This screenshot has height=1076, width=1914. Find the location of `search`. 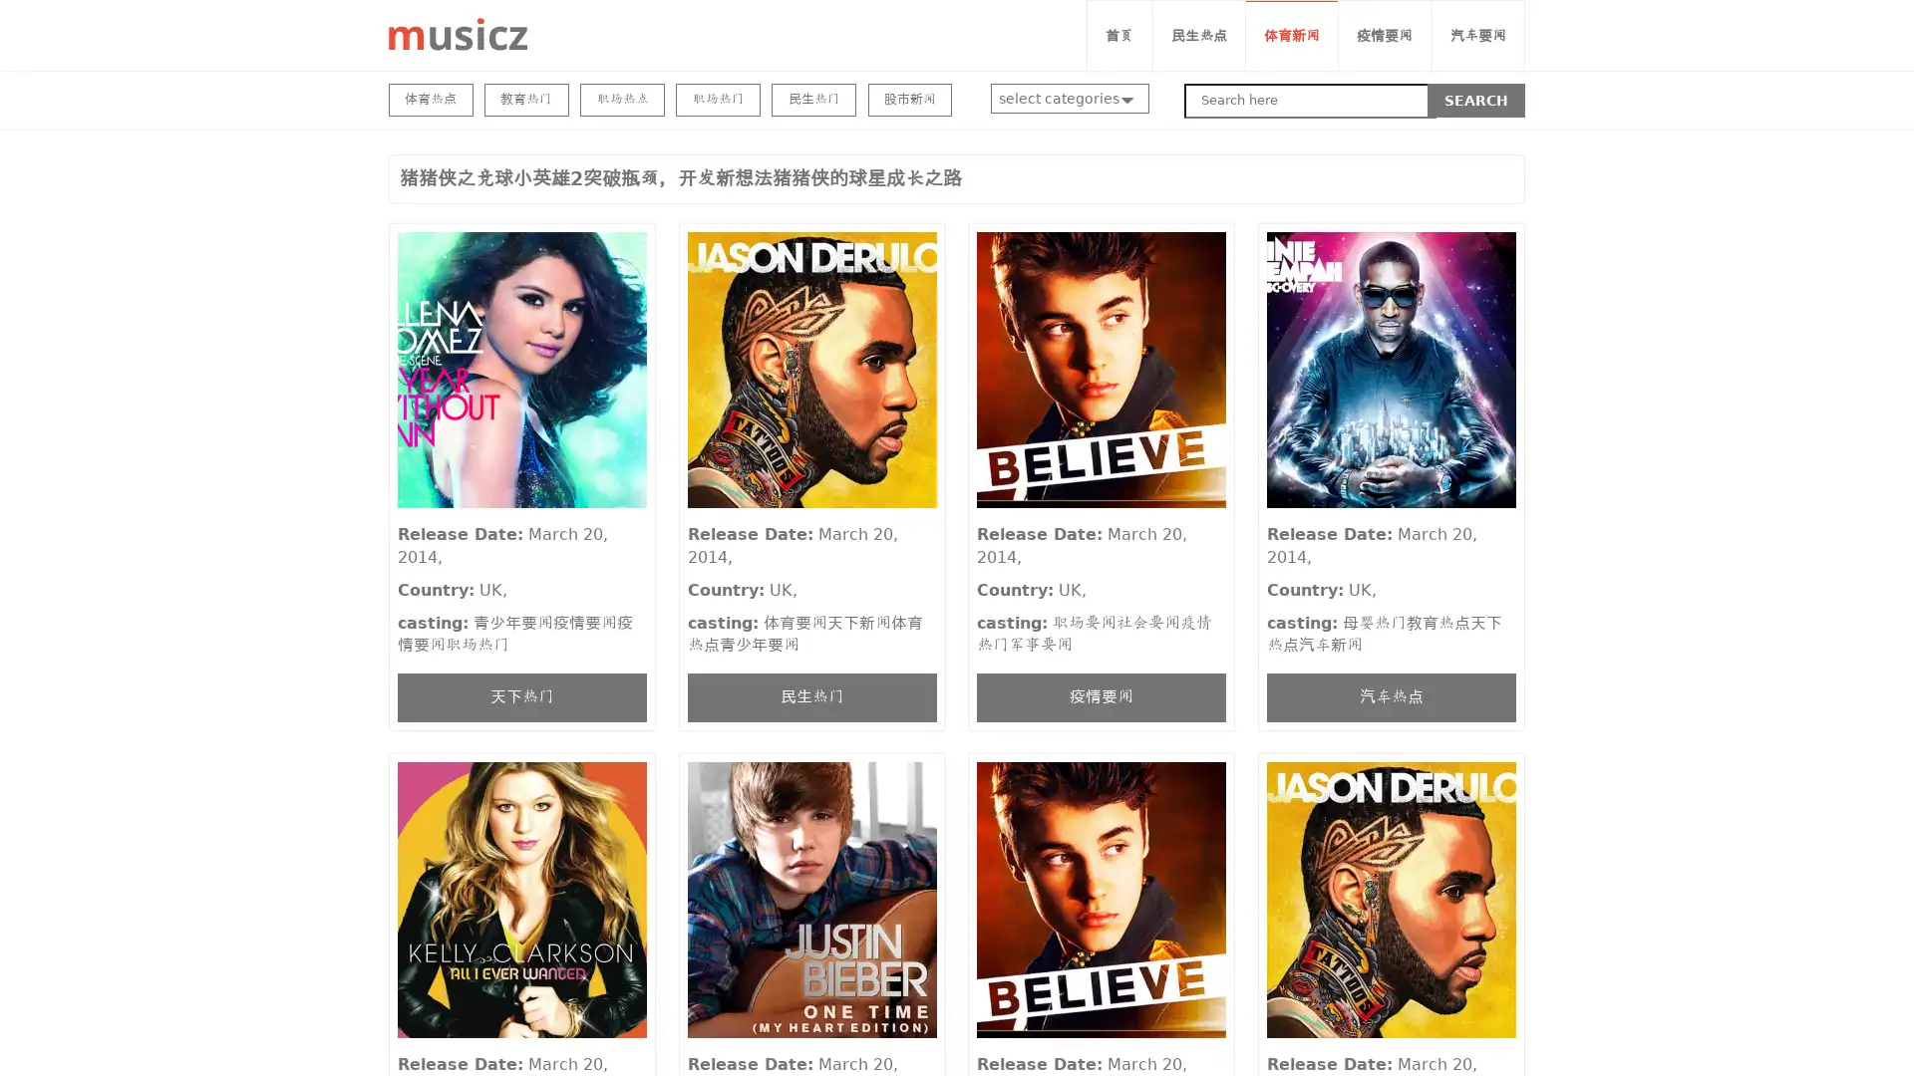

search is located at coordinates (1476, 100).